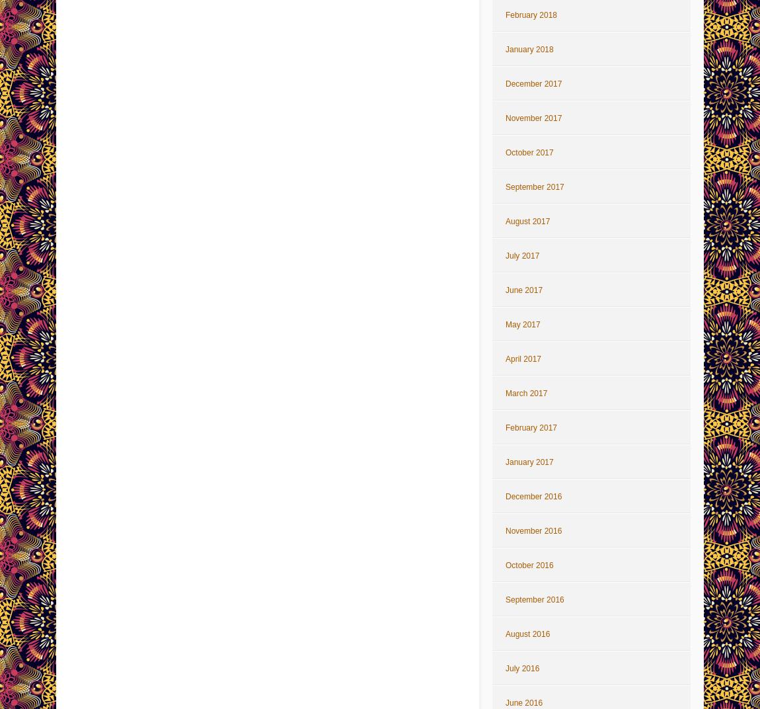  What do you see at coordinates (534, 600) in the screenshot?
I see `'September 2016'` at bounding box center [534, 600].